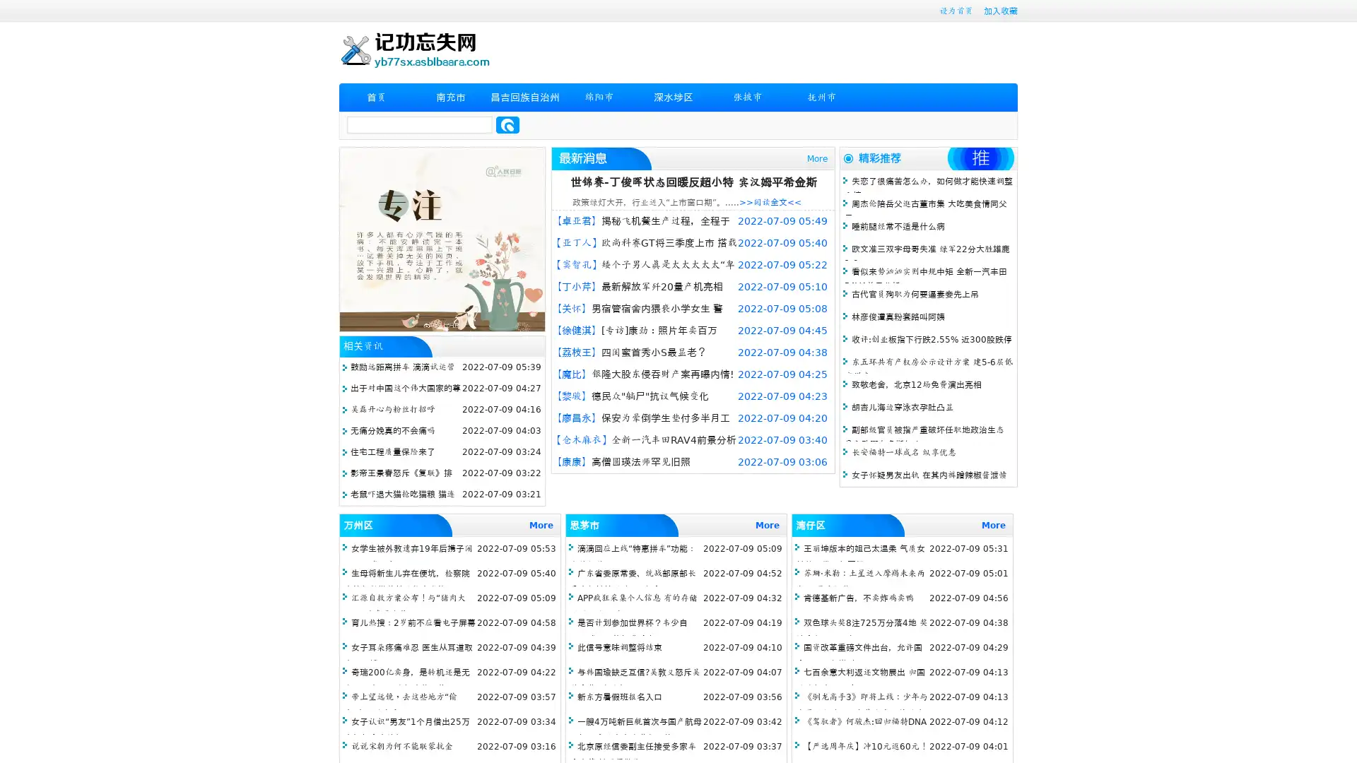 This screenshot has height=763, width=1357. I want to click on Search, so click(507, 124).